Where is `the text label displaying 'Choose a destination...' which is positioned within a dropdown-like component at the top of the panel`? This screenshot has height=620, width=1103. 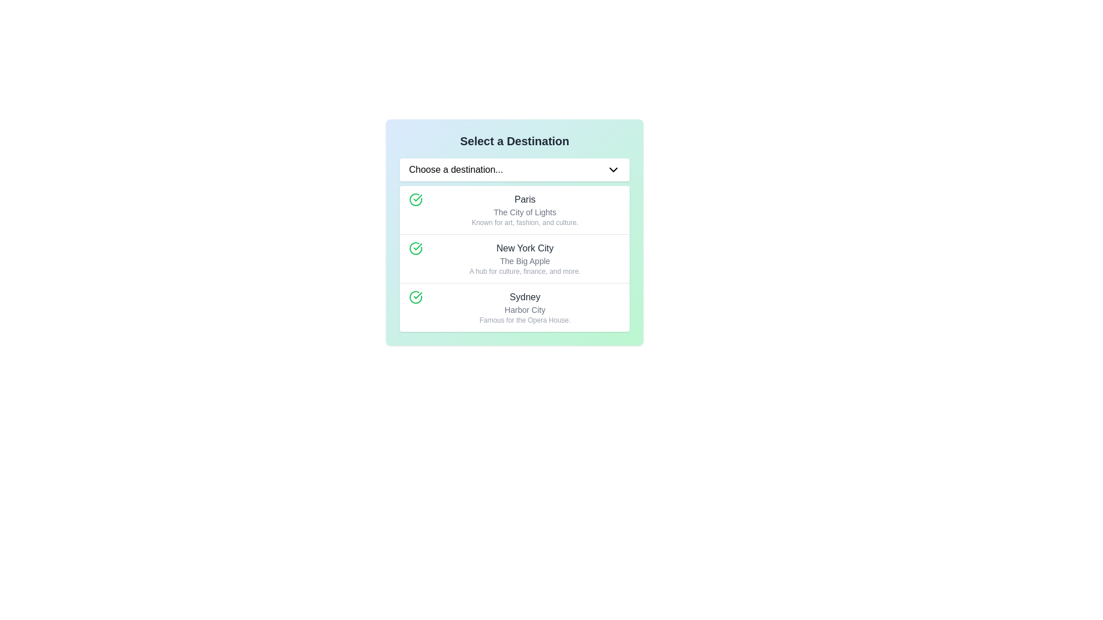 the text label displaying 'Choose a destination...' which is positioned within a dropdown-like component at the top of the panel is located at coordinates (455, 170).